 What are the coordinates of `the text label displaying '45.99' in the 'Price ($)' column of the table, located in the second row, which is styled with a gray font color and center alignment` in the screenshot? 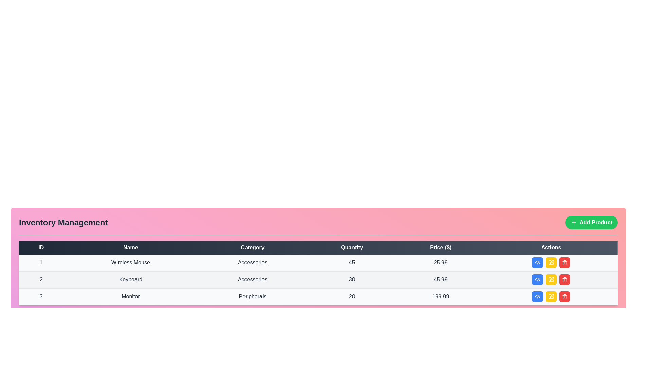 It's located at (440, 279).